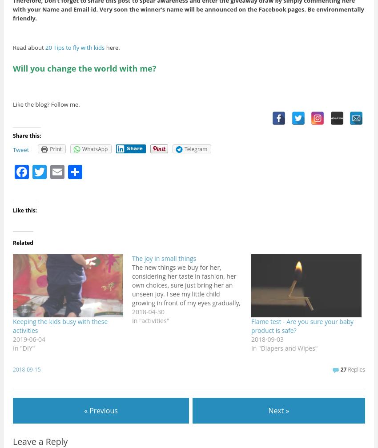  What do you see at coordinates (27, 136) in the screenshot?
I see `'Share this:'` at bounding box center [27, 136].